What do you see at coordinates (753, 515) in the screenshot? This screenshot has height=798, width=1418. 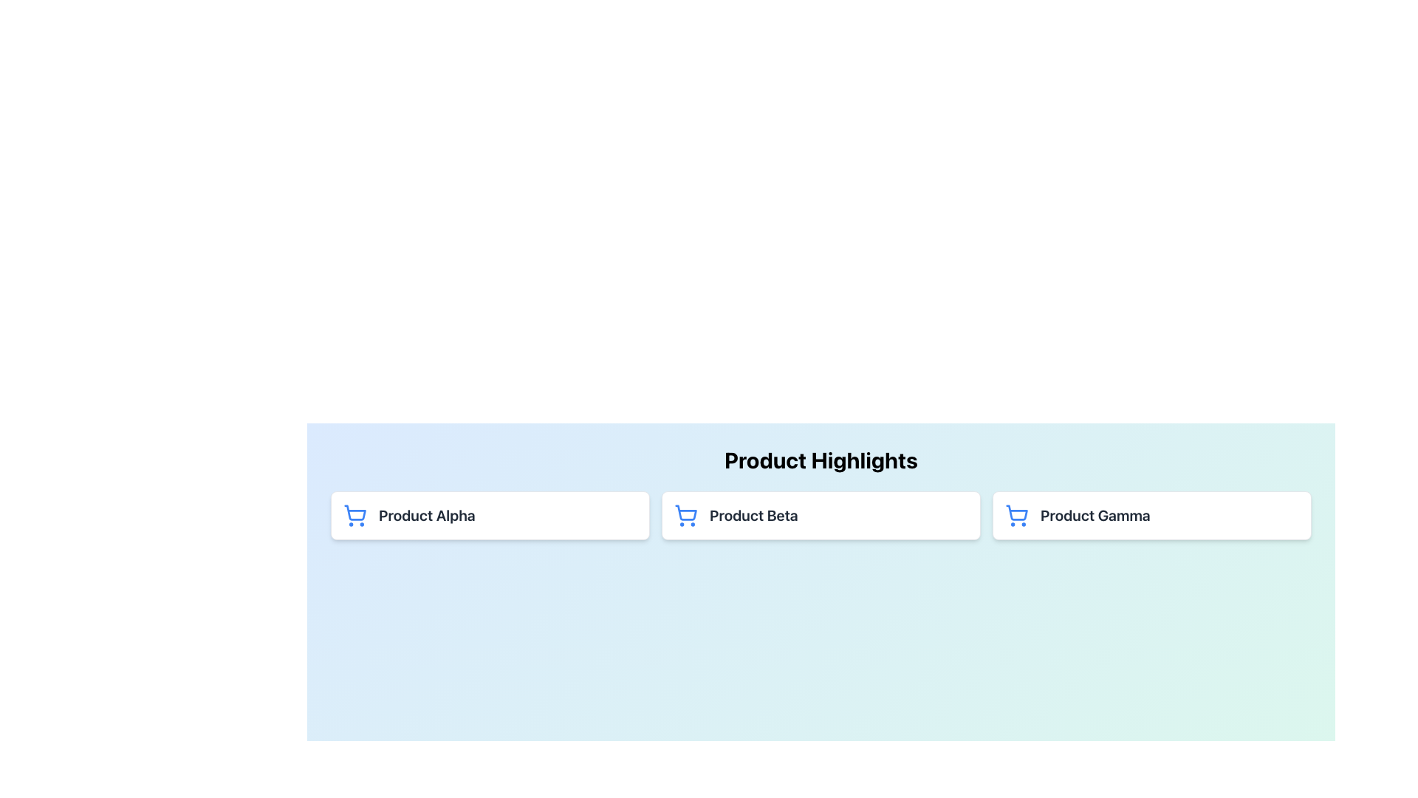 I see `the text label that reads 'Product Beta', which is styled with a bold font and dark coloring, located as the central item under the 'Product Highlights' header` at bounding box center [753, 515].